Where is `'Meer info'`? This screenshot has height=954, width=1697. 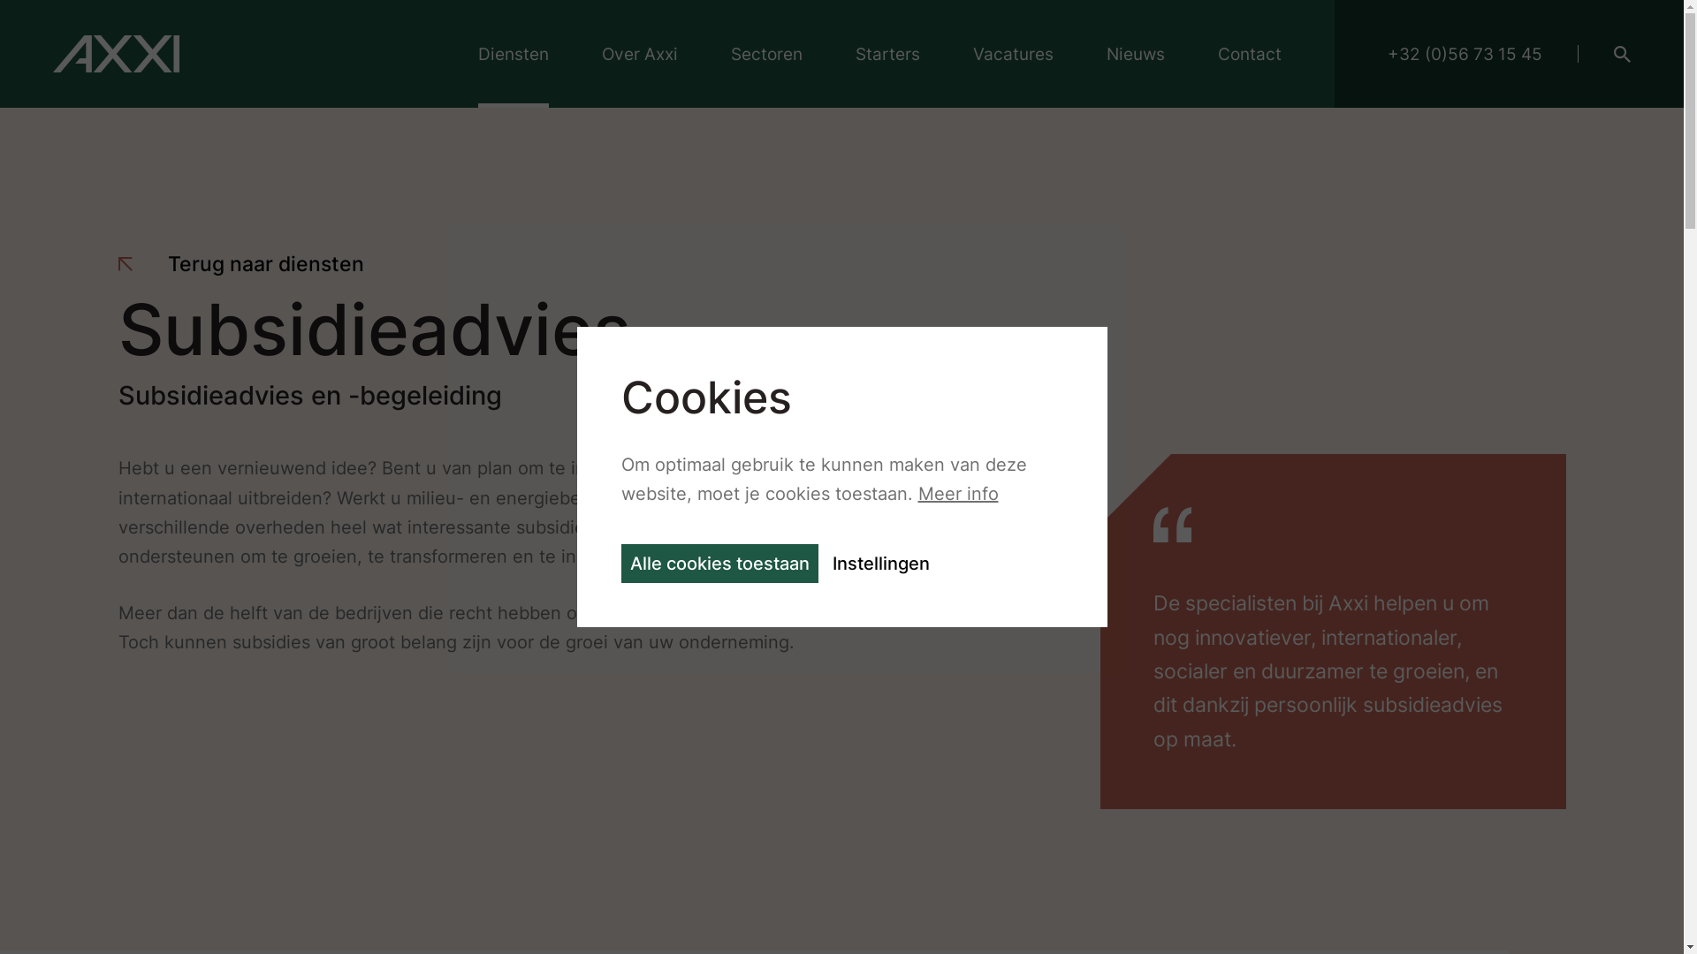 'Meer info' is located at coordinates (956, 494).